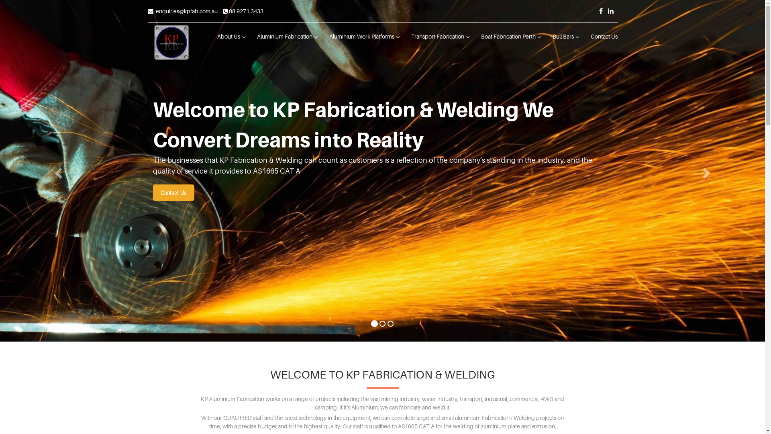 This screenshot has width=771, height=434. Describe the element at coordinates (510, 37) in the screenshot. I see `'Boat Fabrication Perth'` at that location.